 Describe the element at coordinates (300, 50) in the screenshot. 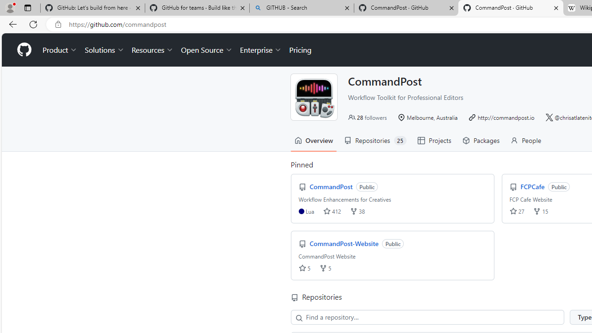

I see `'Pricing'` at that location.